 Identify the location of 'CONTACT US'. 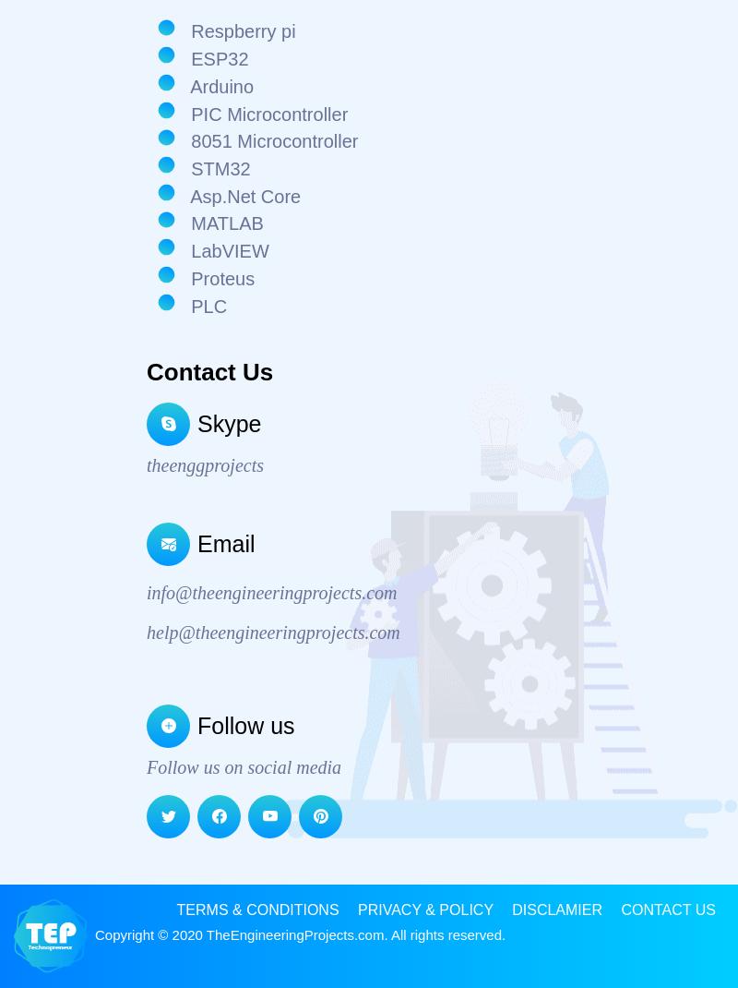
(621, 909).